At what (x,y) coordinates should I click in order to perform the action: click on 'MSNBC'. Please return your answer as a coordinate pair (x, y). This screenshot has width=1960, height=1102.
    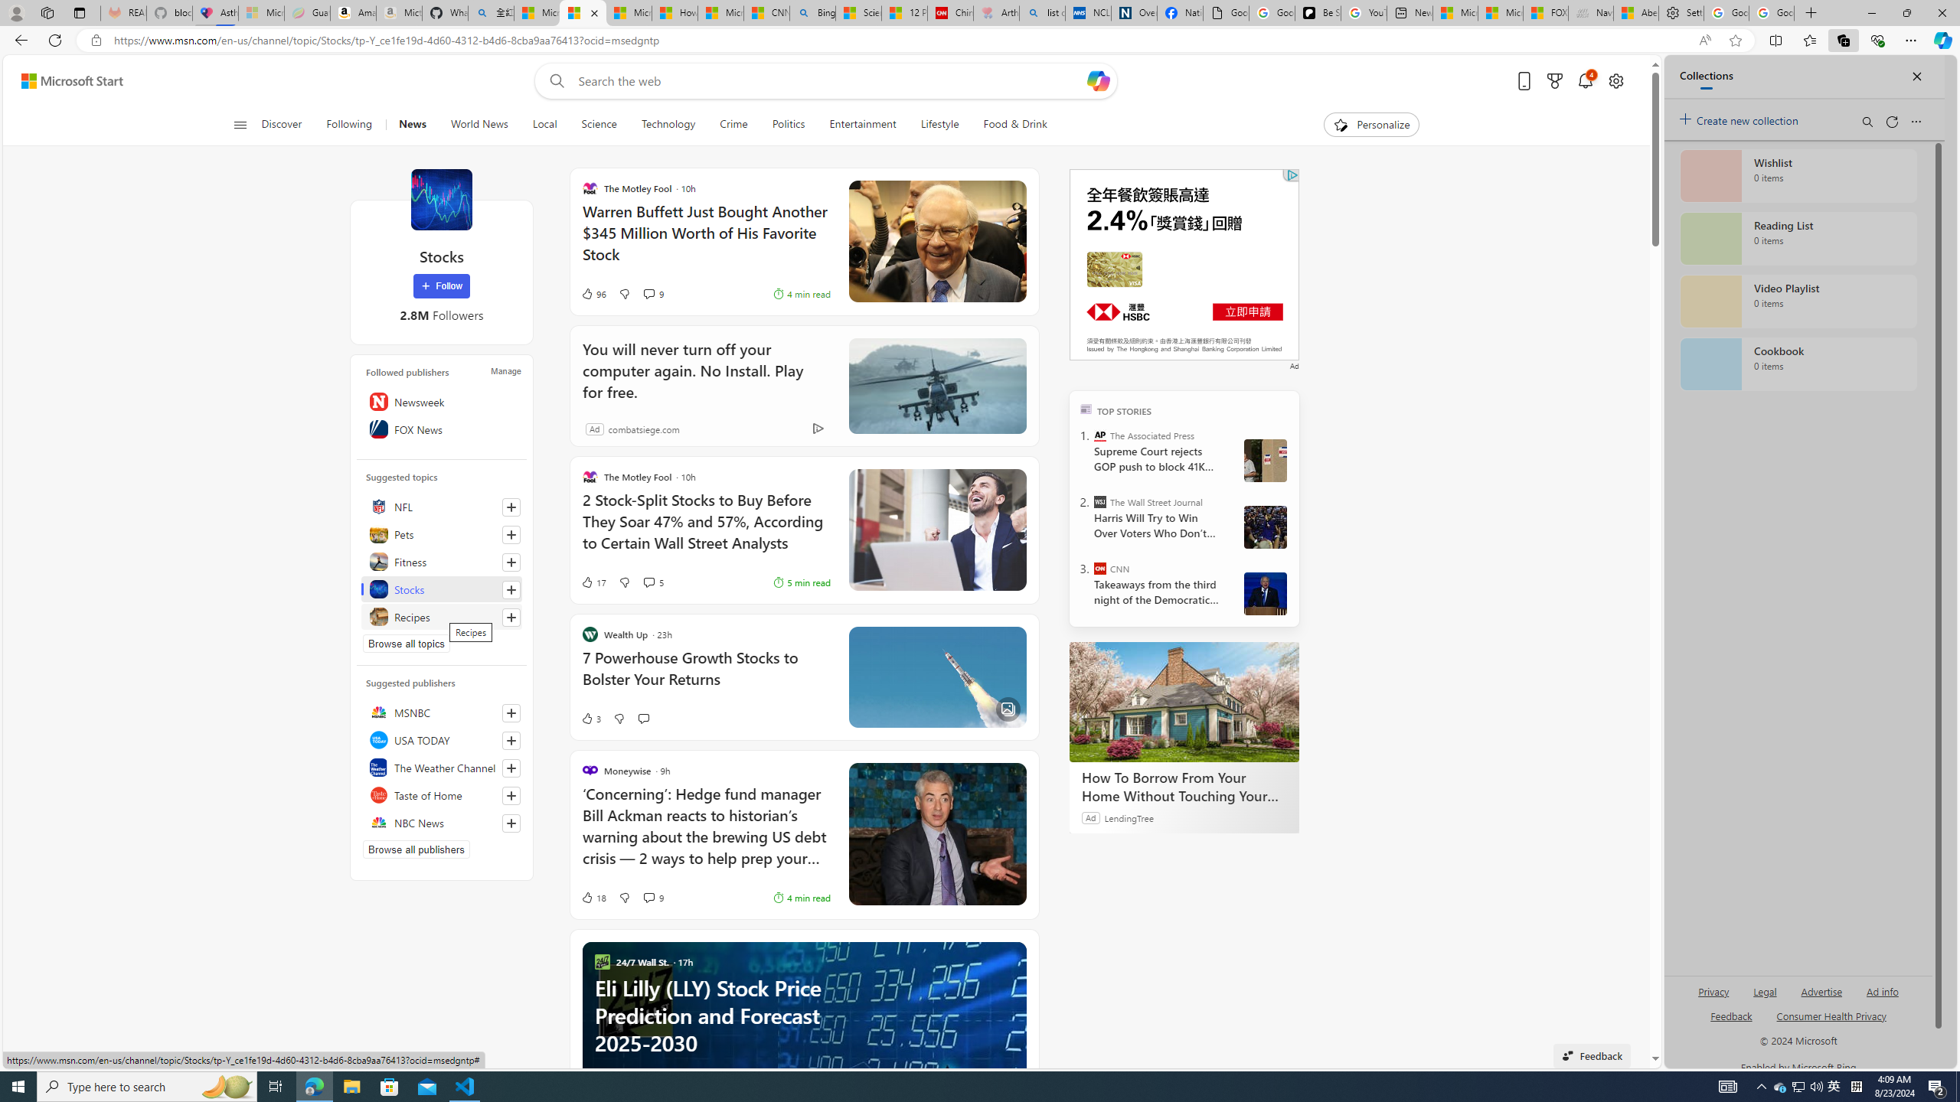
    Looking at the image, I should click on (440, 712).